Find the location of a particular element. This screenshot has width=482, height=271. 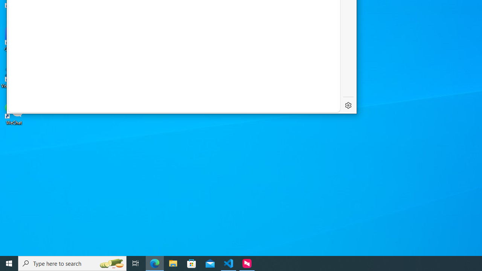

'Task View' is located at coordinates (135, 263).